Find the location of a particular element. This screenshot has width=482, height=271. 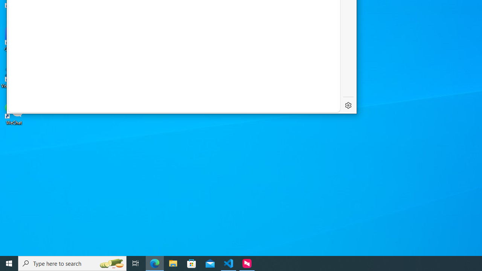

'Task View' is located at coordinates (135, 263).